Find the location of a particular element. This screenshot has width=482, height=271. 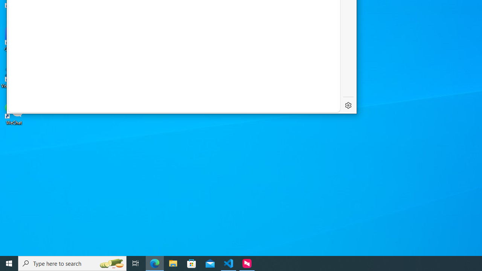

'Task View' is located at coordinates (135, 263).